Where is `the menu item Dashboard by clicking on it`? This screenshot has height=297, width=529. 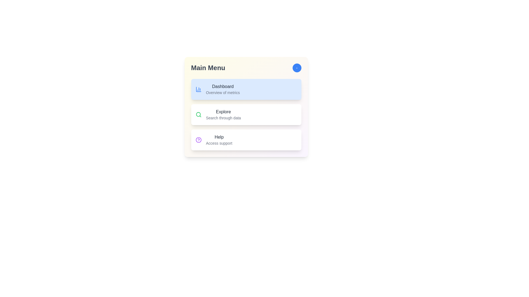 the menu item Dashboard by clicking on it is located at coordinates (246, 89).